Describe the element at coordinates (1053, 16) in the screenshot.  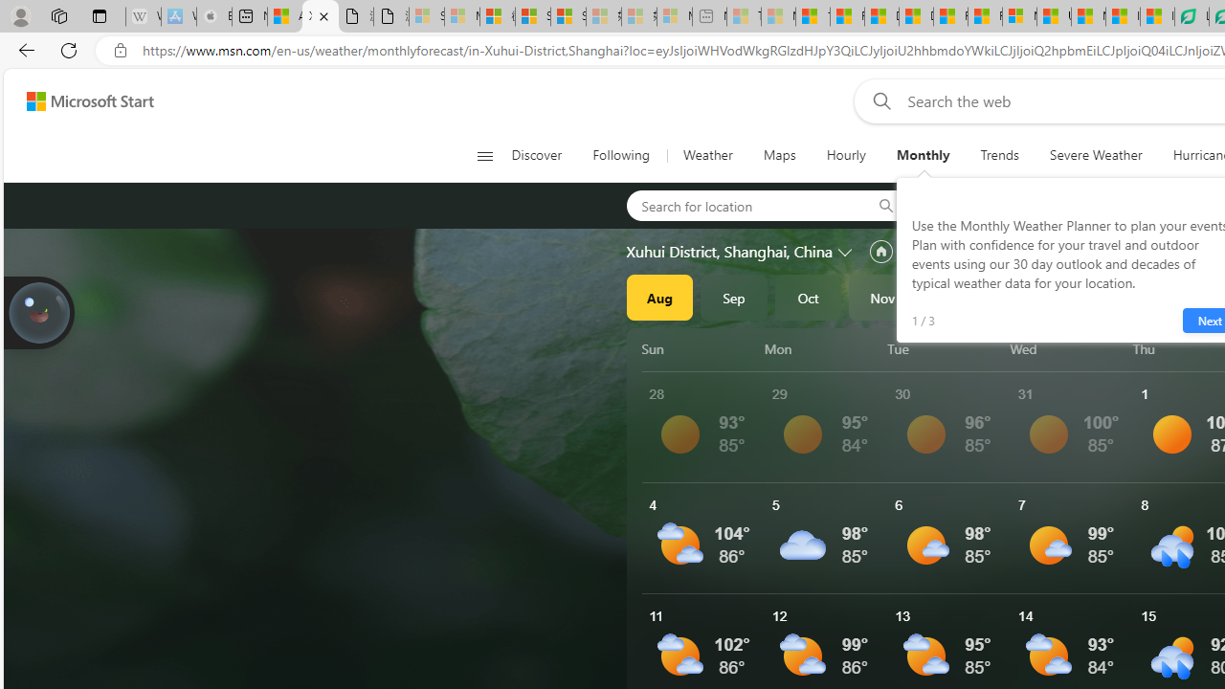
I see `'US Heat Deaths Soared To Record High Last Year'` at that location.